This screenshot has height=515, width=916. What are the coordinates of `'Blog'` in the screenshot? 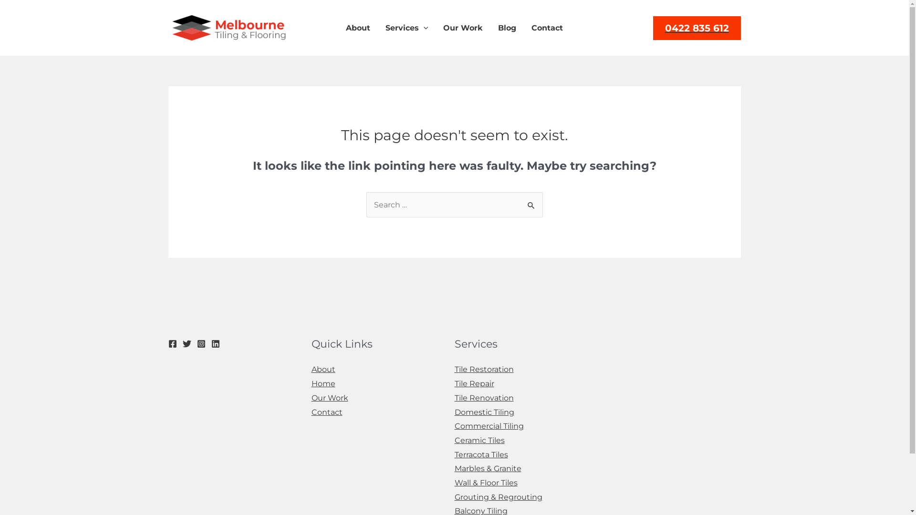 It's located at (506, 27).